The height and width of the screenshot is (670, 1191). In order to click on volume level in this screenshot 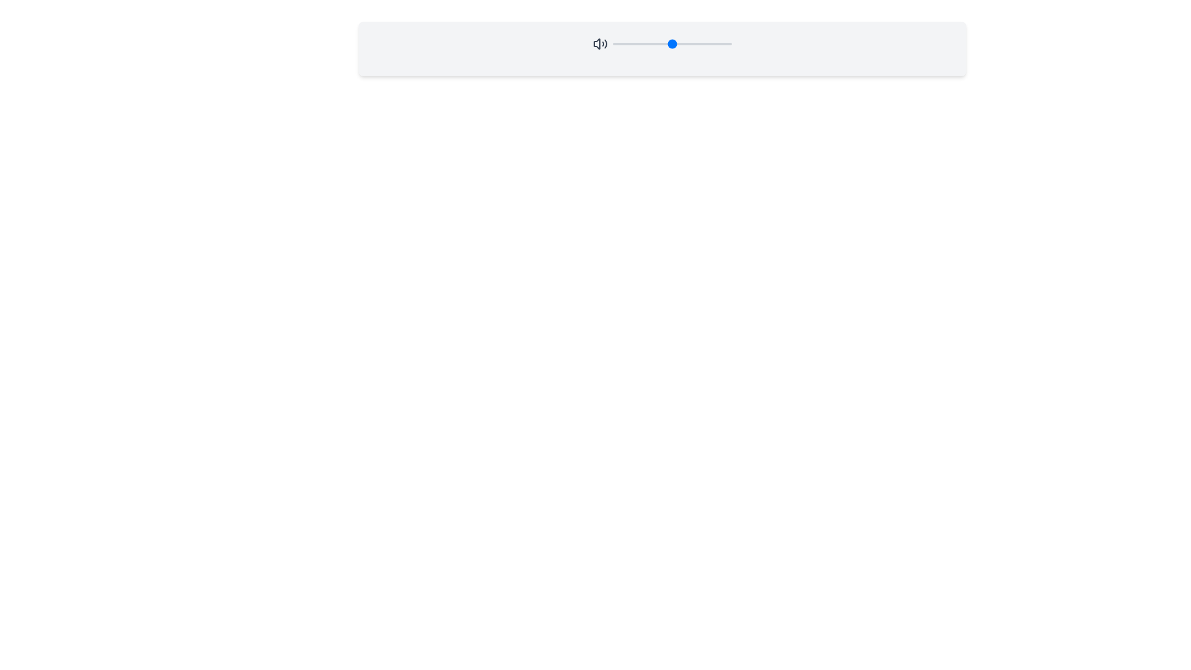, I will do `click(716, 43)`.